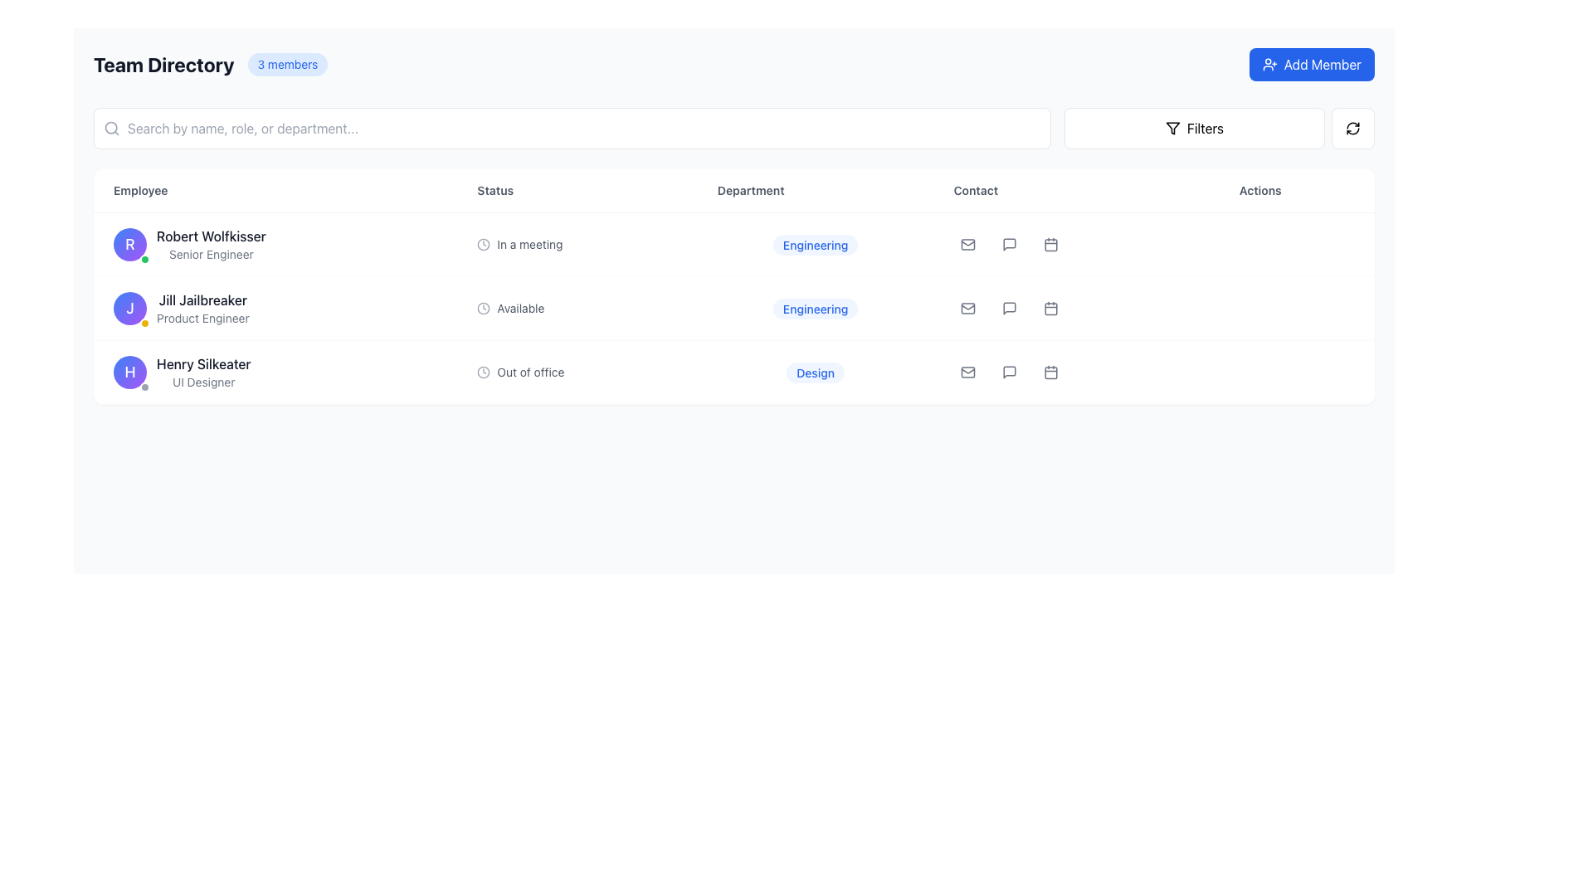  What do you see at coordinates (519, 308) in the screenshot?
I see `the status label indicating the availability of user 'Jill Jailbreaker' located in the second row of the table next to the clock icon` at bounding box center [519, 308].